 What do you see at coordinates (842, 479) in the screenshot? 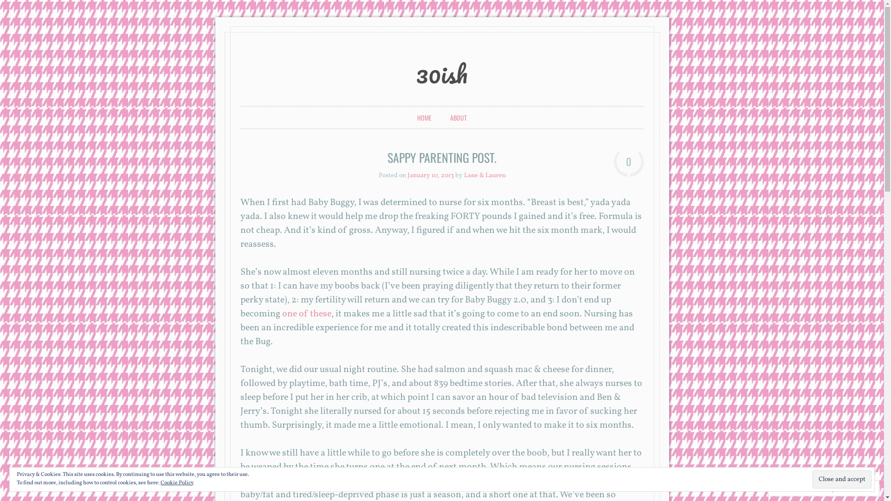
I see `'Close and accept'` at bounding box center [842, 479].